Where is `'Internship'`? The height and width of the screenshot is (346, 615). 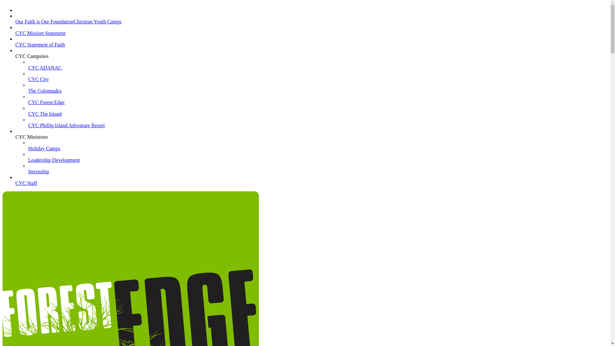
'Internship' is located at coordinates (38, 174).